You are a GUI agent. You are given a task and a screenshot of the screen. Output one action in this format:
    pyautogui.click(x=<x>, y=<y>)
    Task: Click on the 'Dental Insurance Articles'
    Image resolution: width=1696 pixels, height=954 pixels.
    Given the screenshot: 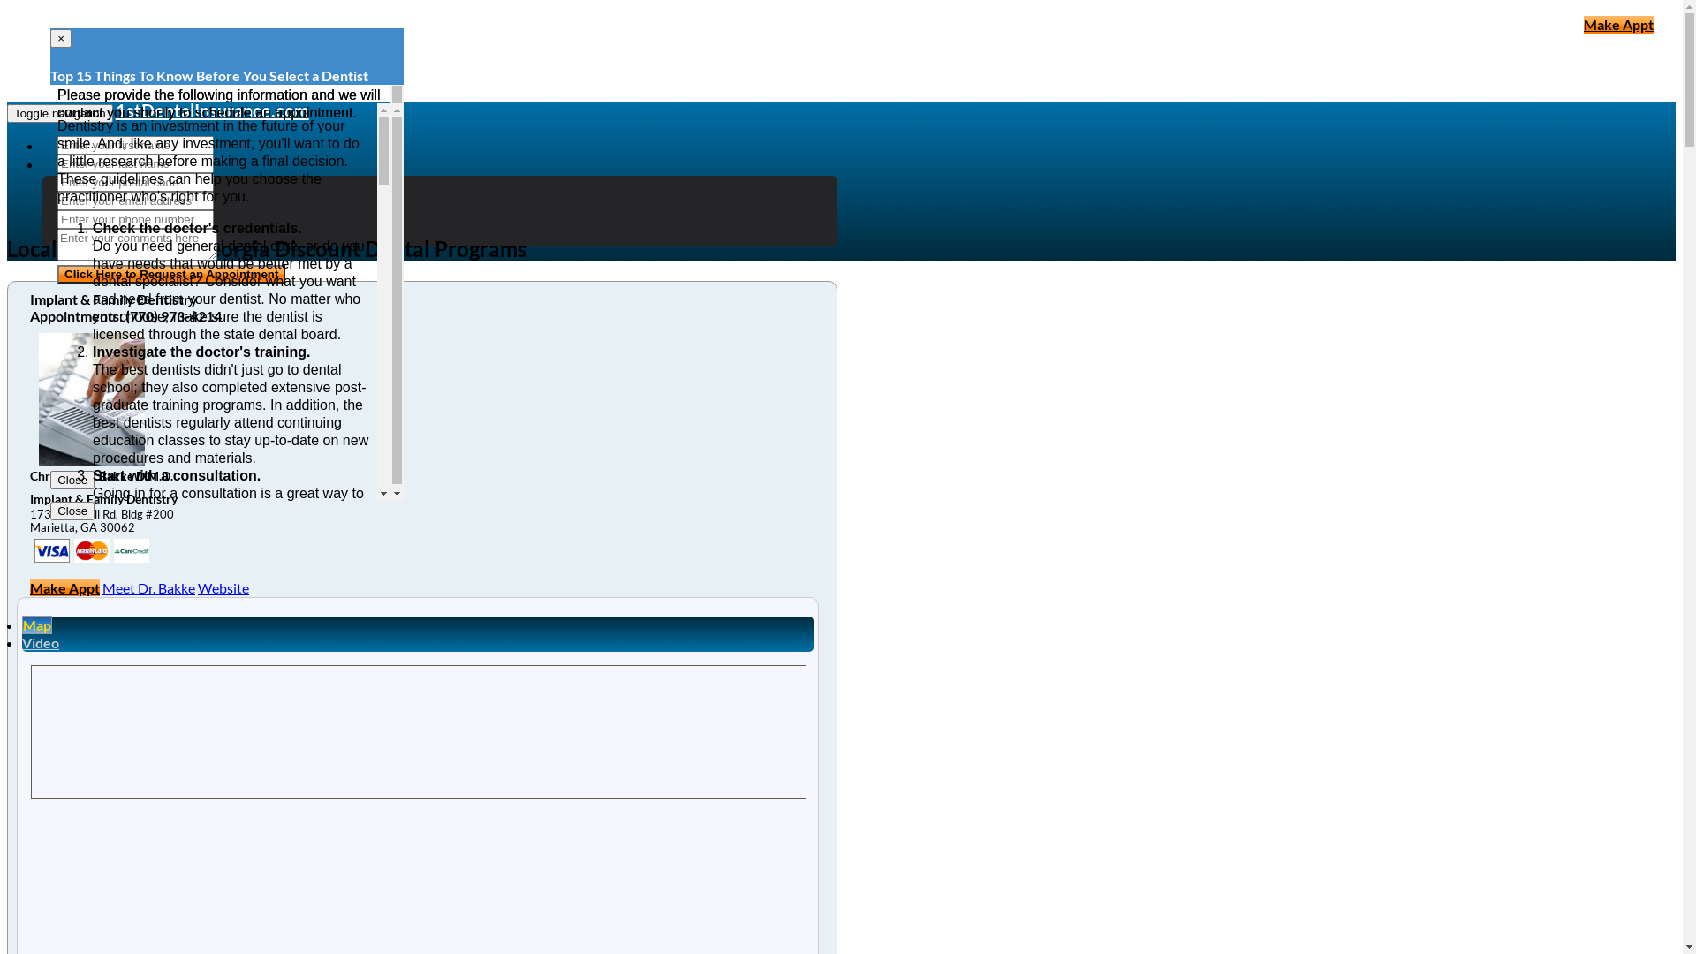 What is the action you would take?
    pyautogui.click(x=120, y=164)
    